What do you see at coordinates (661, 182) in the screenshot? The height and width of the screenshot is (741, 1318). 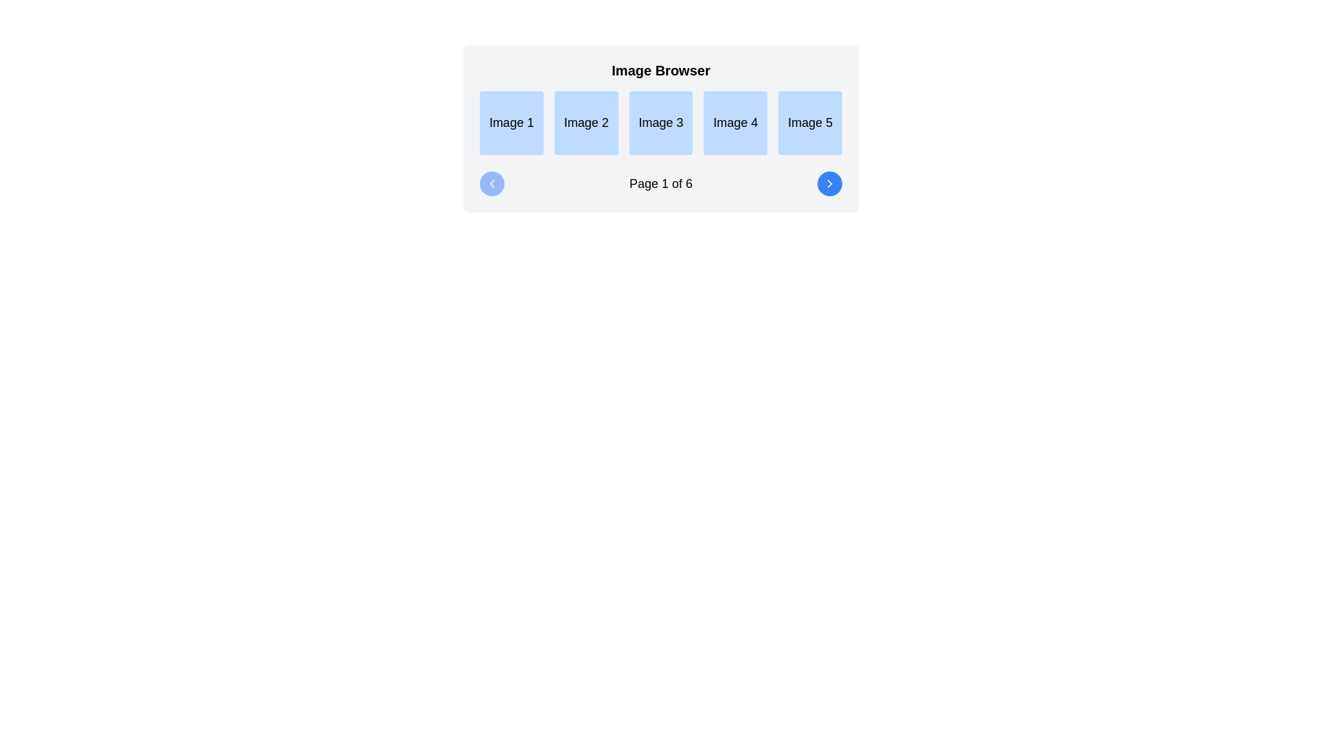 I see `the pagination indicator text displaying 'Page 1 of 6', located centrally near the bottom of the layout within the navigation bar` at bounding box center [661, 182].